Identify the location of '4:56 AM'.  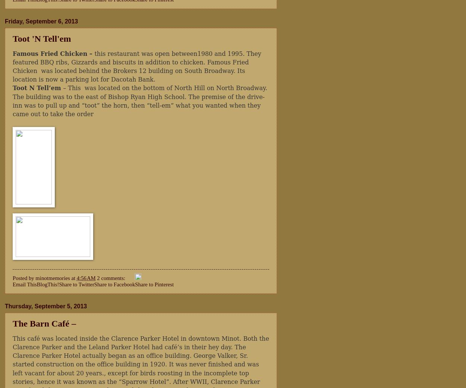
(76, 278).